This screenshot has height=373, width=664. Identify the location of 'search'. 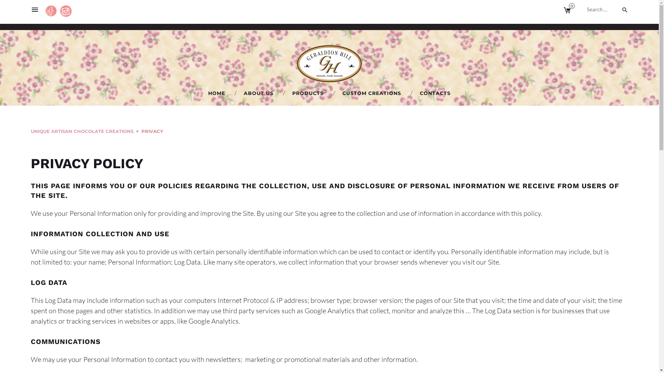
(624, 10).